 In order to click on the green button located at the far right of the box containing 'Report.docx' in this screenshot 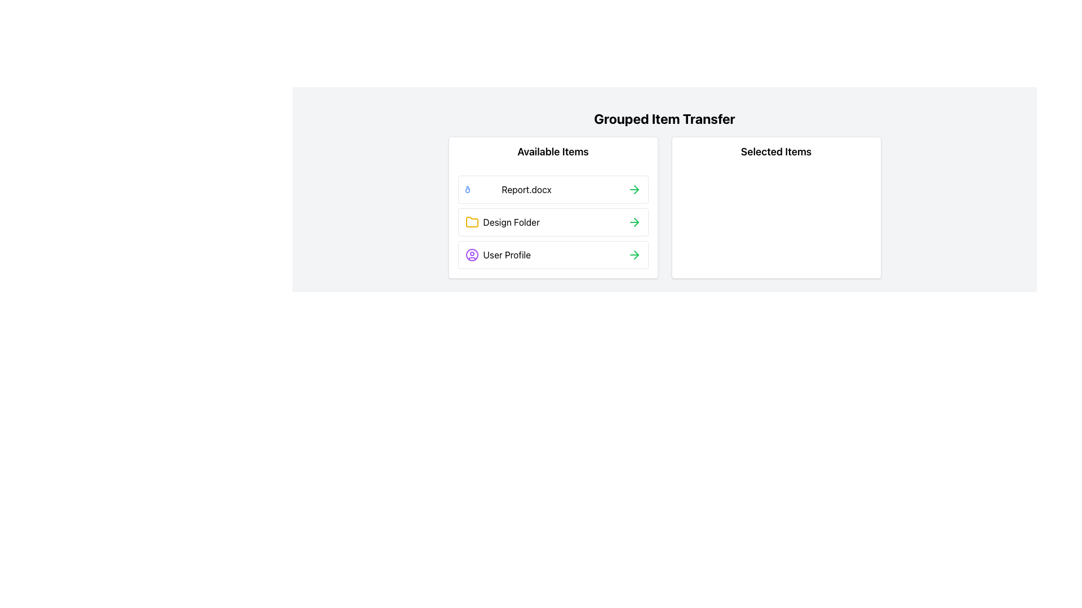, I will do `click(634, 189)`.